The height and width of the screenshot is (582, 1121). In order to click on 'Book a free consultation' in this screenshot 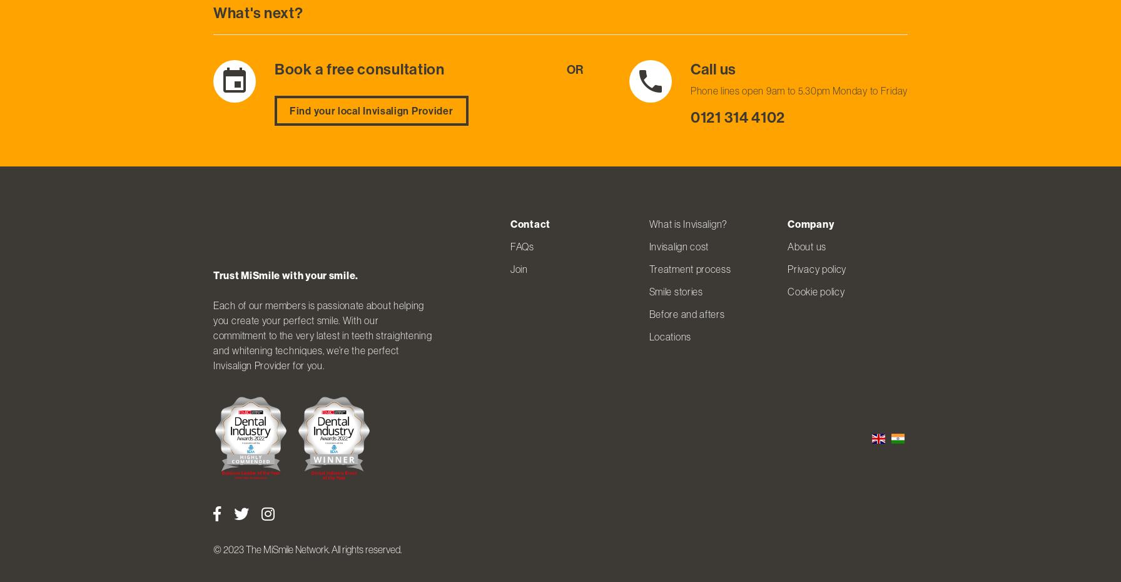, I will do `click(359, 69)`.